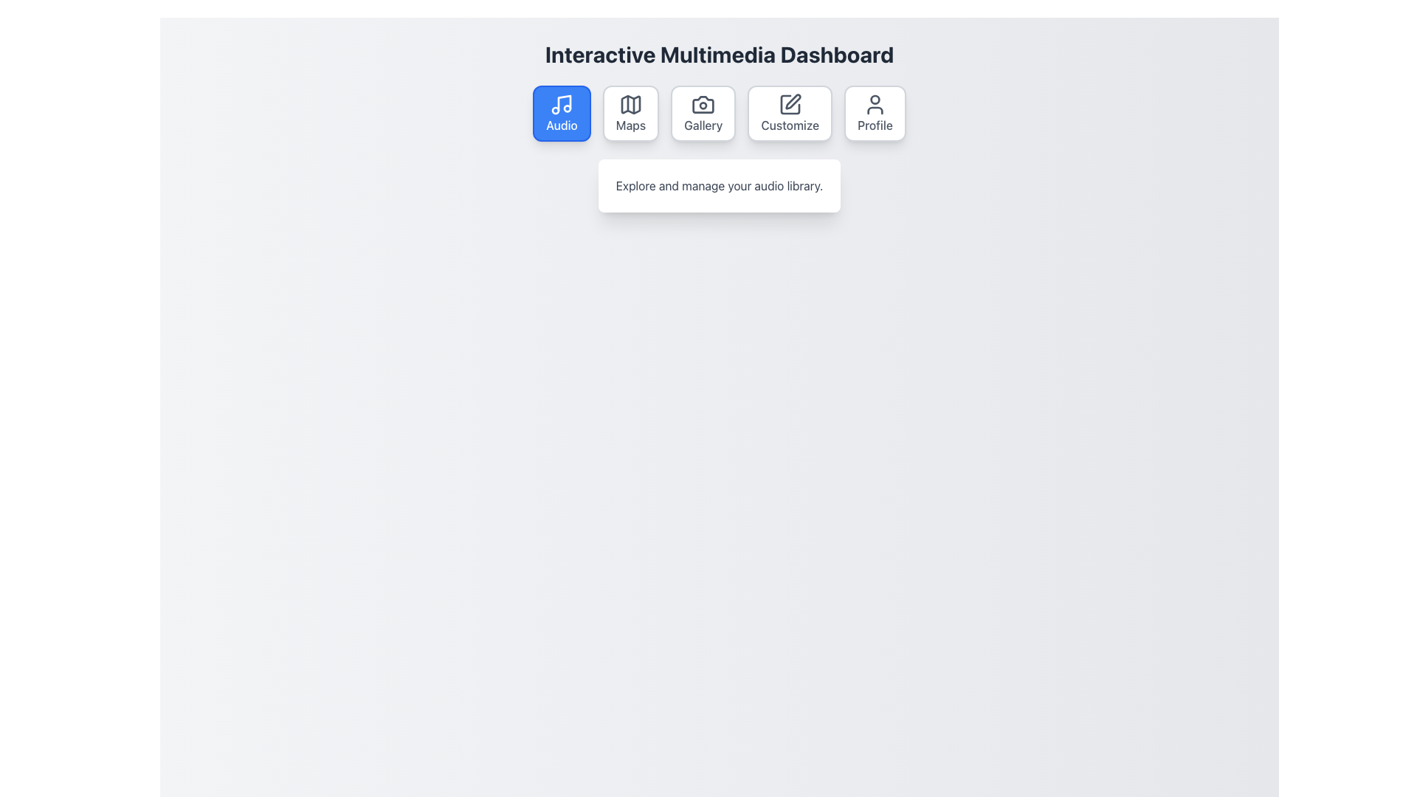 Image resolution: width=1417 pixels, height=797 pixels. I want to click on the circular graphic within the 'Profile' icon, which visually represents a user's head, located at the far right of the top row of buttons, so click(875, 100).